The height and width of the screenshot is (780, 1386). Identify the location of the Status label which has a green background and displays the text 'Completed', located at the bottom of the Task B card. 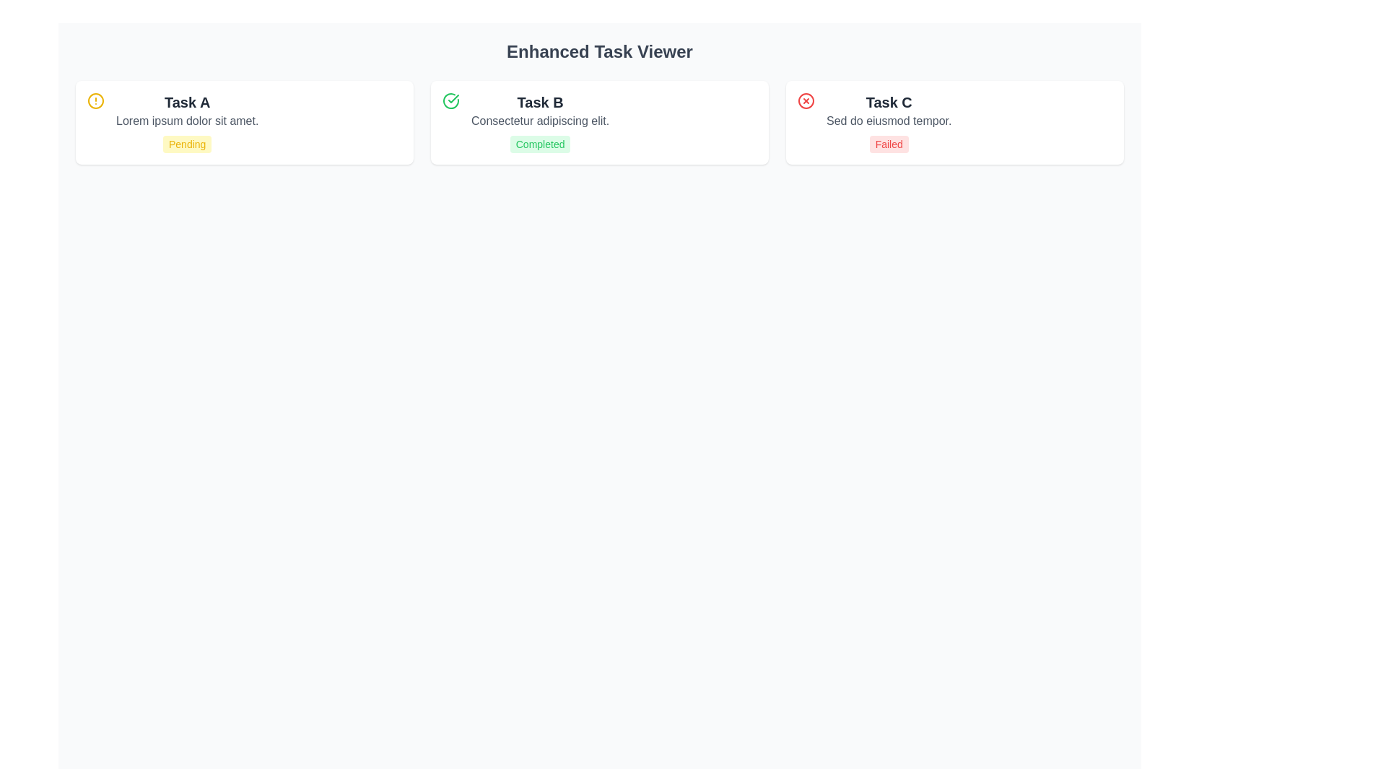
(539, 144).